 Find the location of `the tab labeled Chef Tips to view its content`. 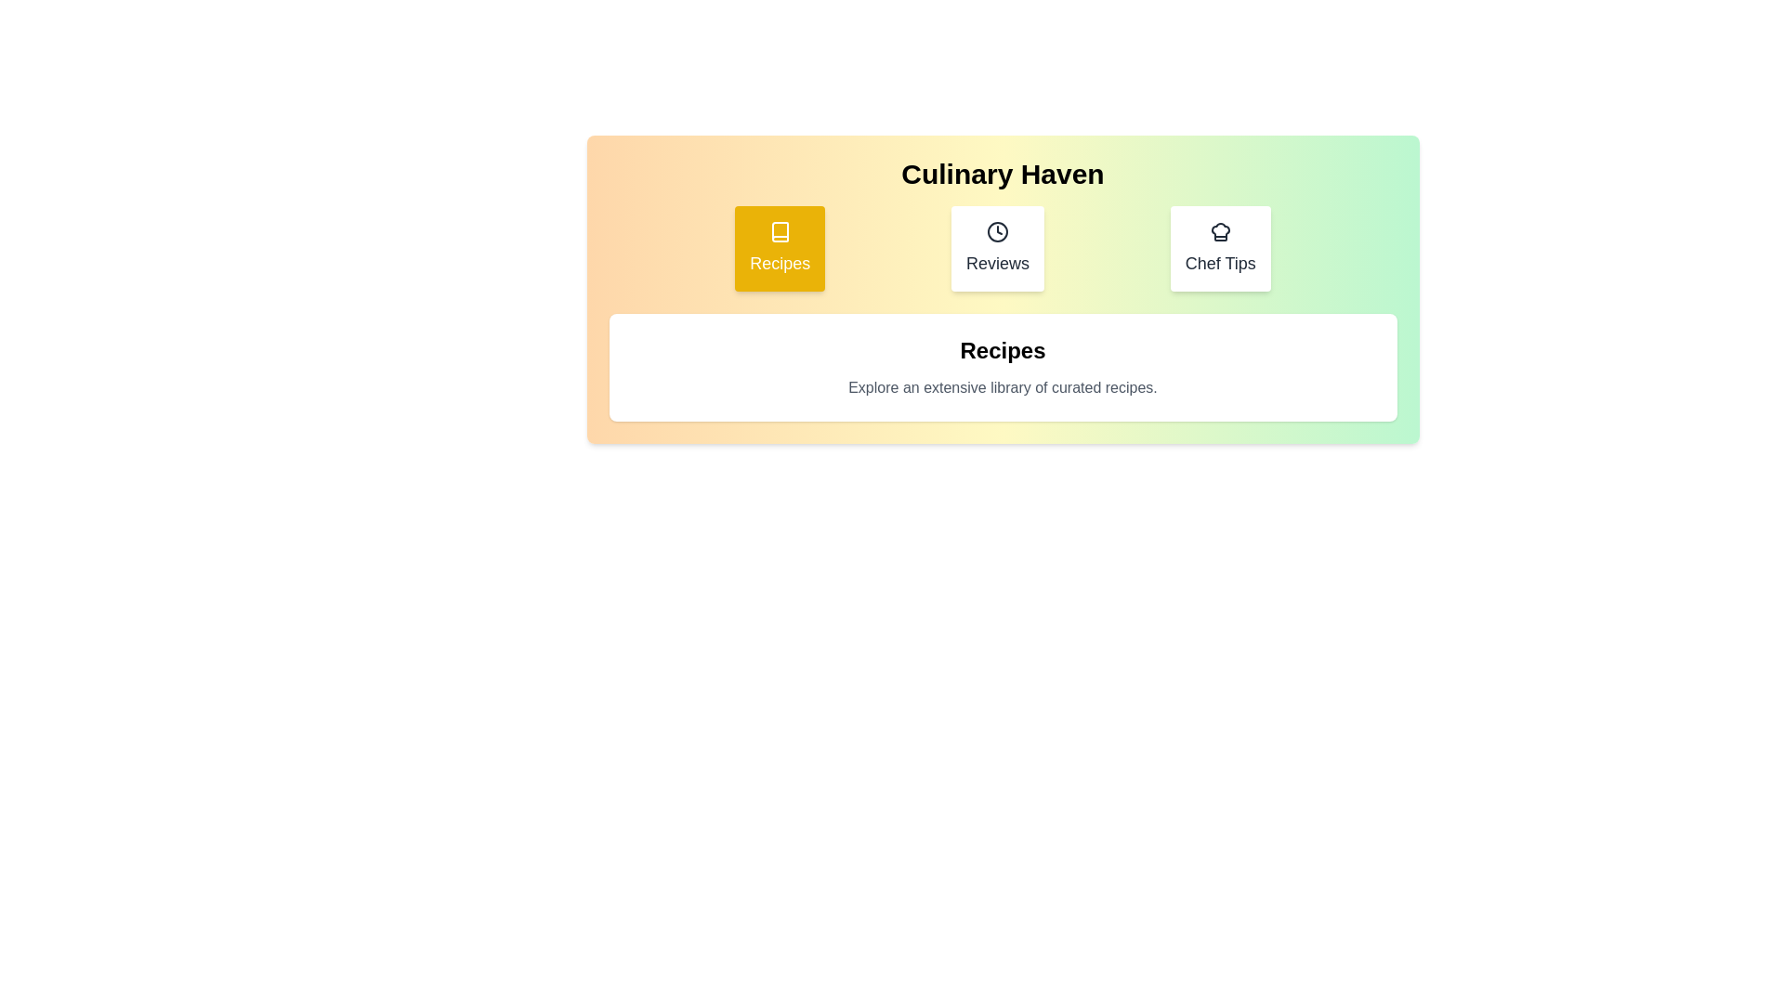

the tab labeled Chef Tips to view its content is located at coordinates (1220, 247).